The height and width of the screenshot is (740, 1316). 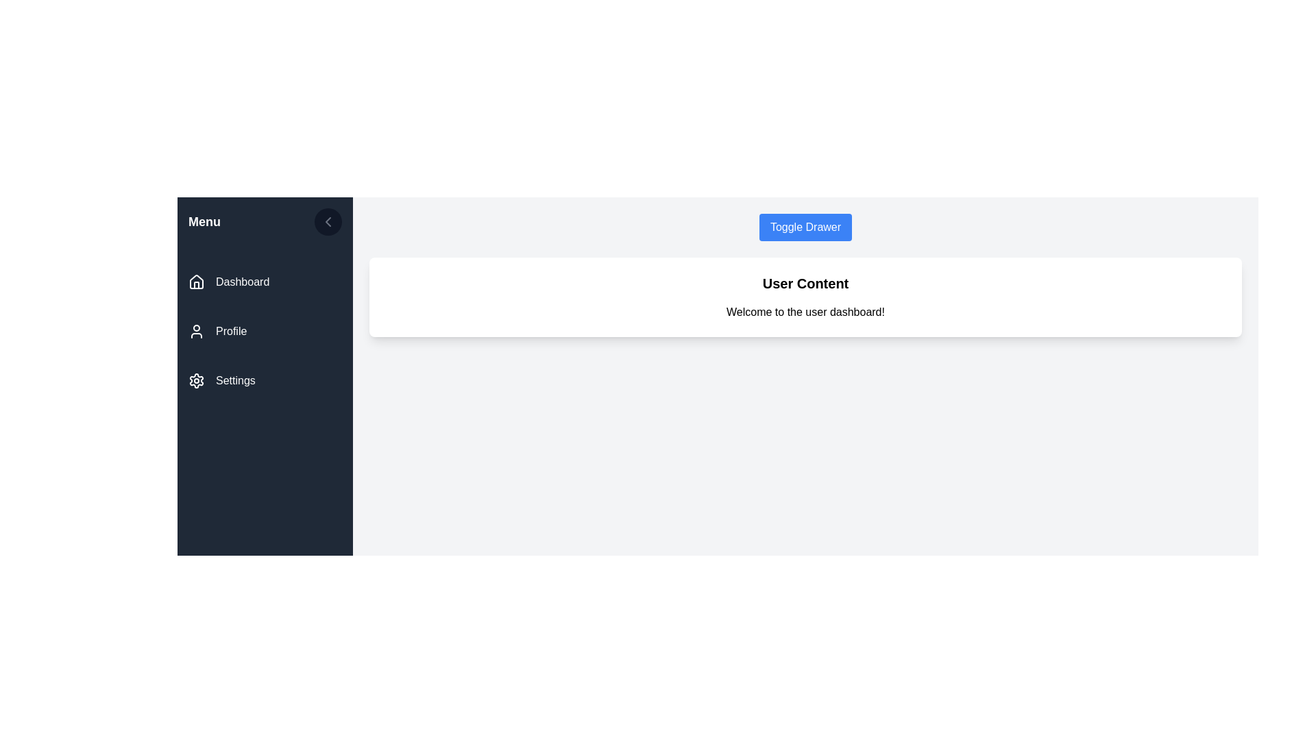 What do you see at coordinates (235, 380) in the screenshot?
I see `text label 'Settings' located in the left-side navigation panel, which is beneath the 'Profile' label` at bounding box center [235, 380].